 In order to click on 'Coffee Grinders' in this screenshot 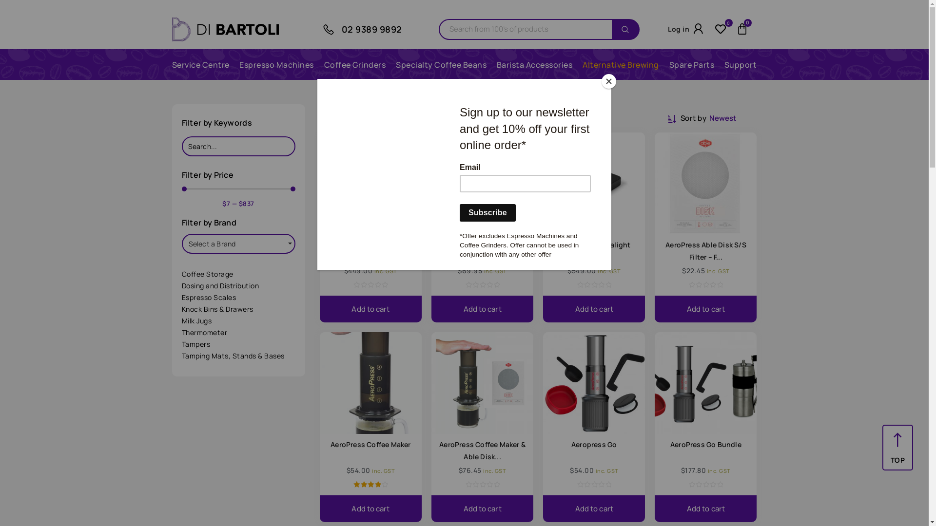, I will do `click(354, 64)`.